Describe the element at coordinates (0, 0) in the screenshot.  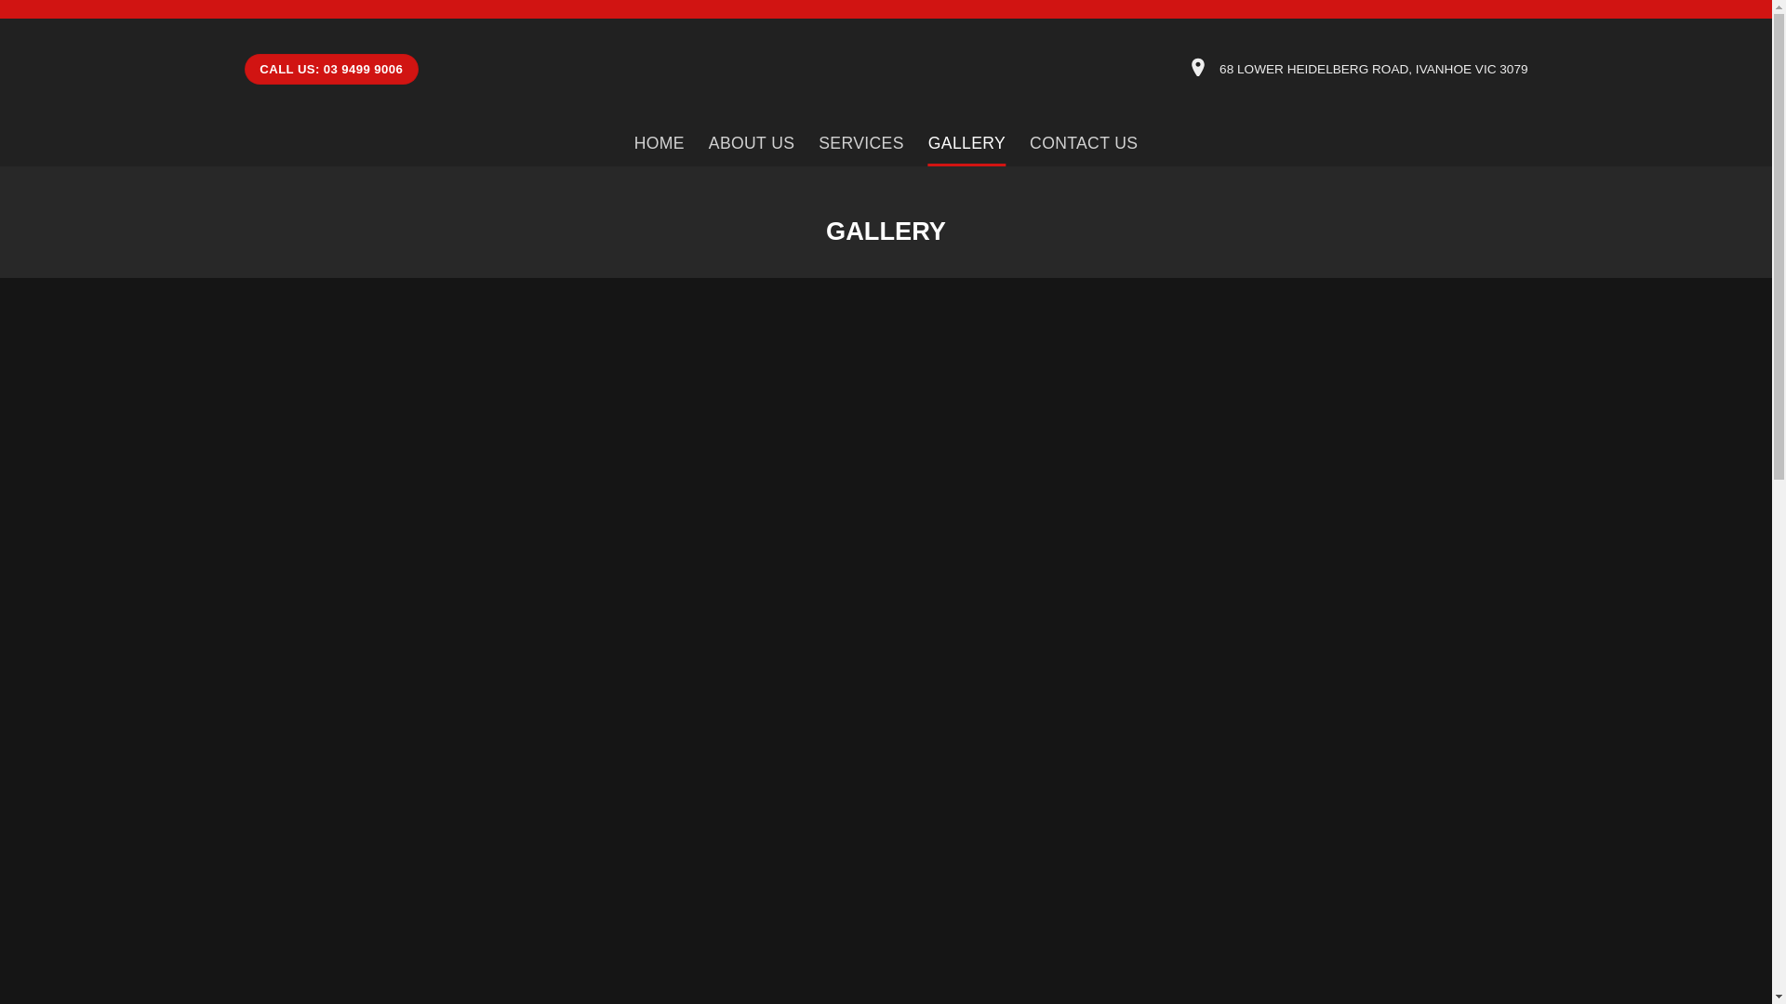
I see `'Skip to content'` at that location.